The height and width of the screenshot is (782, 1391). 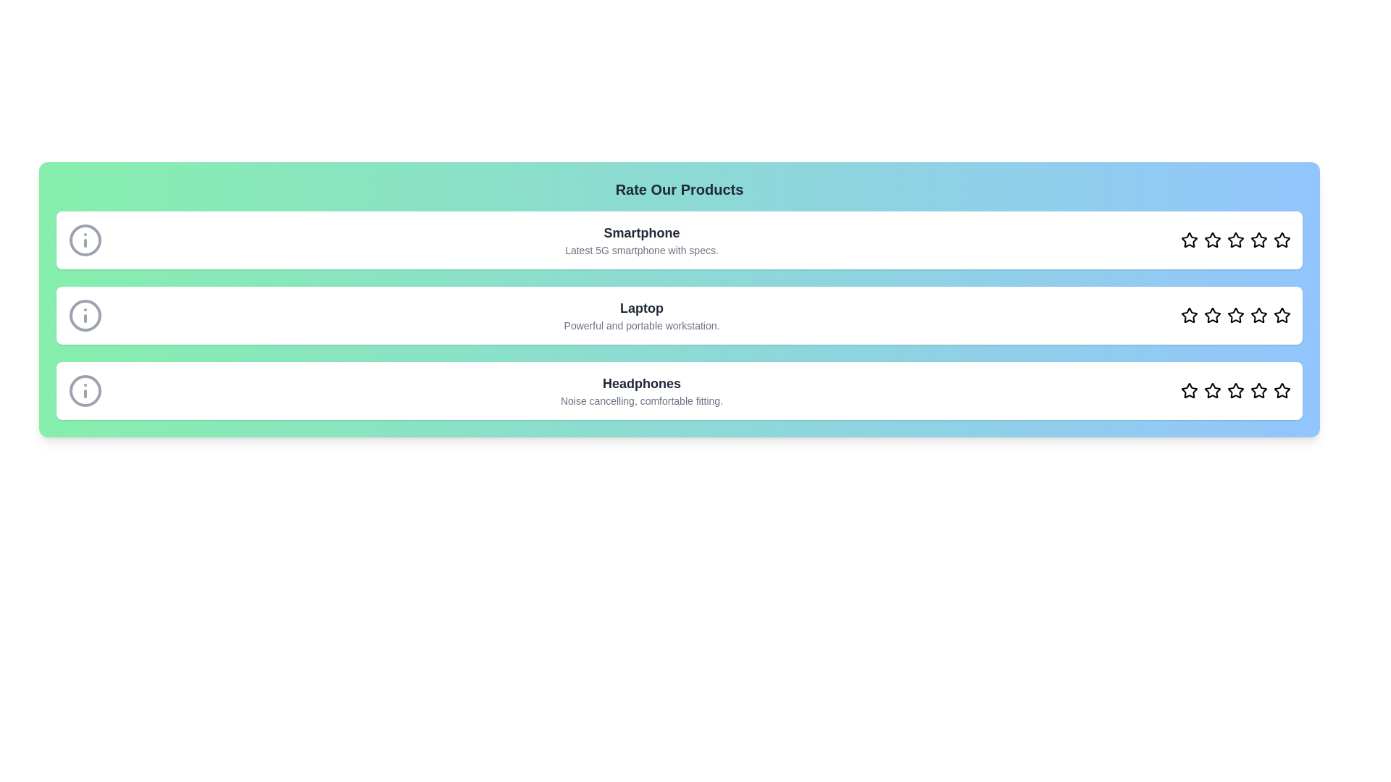 What do you see at coordinates (641, 326) in the screenshot?
I see `the Text label that provides additional descriptive information about the related product, located directly below the 'Laptop' heading` at bounding box center [641, 326].